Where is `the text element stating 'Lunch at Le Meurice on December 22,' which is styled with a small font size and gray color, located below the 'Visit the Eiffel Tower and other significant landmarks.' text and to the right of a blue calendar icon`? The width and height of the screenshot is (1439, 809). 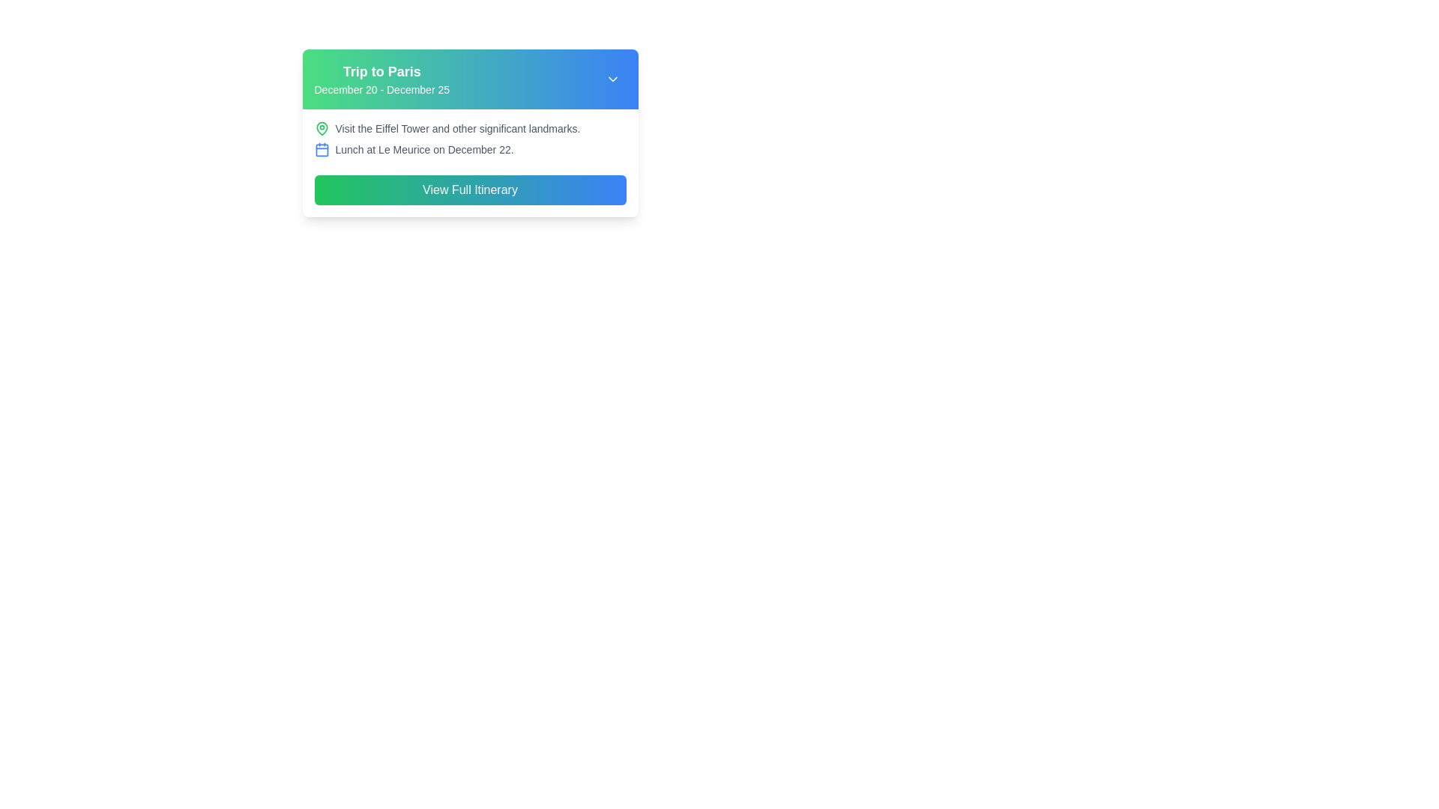 the text element stating 'Lunch at Le Meurice on December 22,' which is styled with a small font size and gray color, located below the 'Visit the Eiffel Tower and other significant landmarks.' text and to the right of a blue calendar icon is located at coordinates (423, 150).